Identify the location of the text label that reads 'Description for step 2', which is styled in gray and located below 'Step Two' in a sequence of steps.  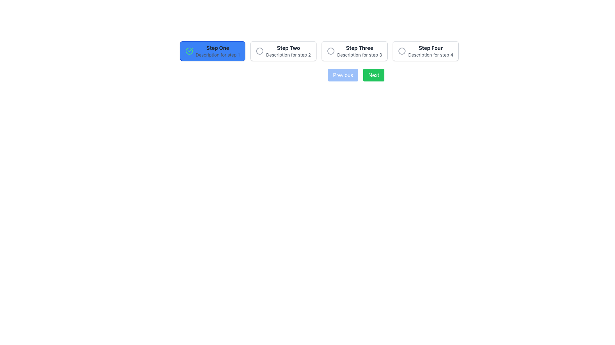
(288, 55).